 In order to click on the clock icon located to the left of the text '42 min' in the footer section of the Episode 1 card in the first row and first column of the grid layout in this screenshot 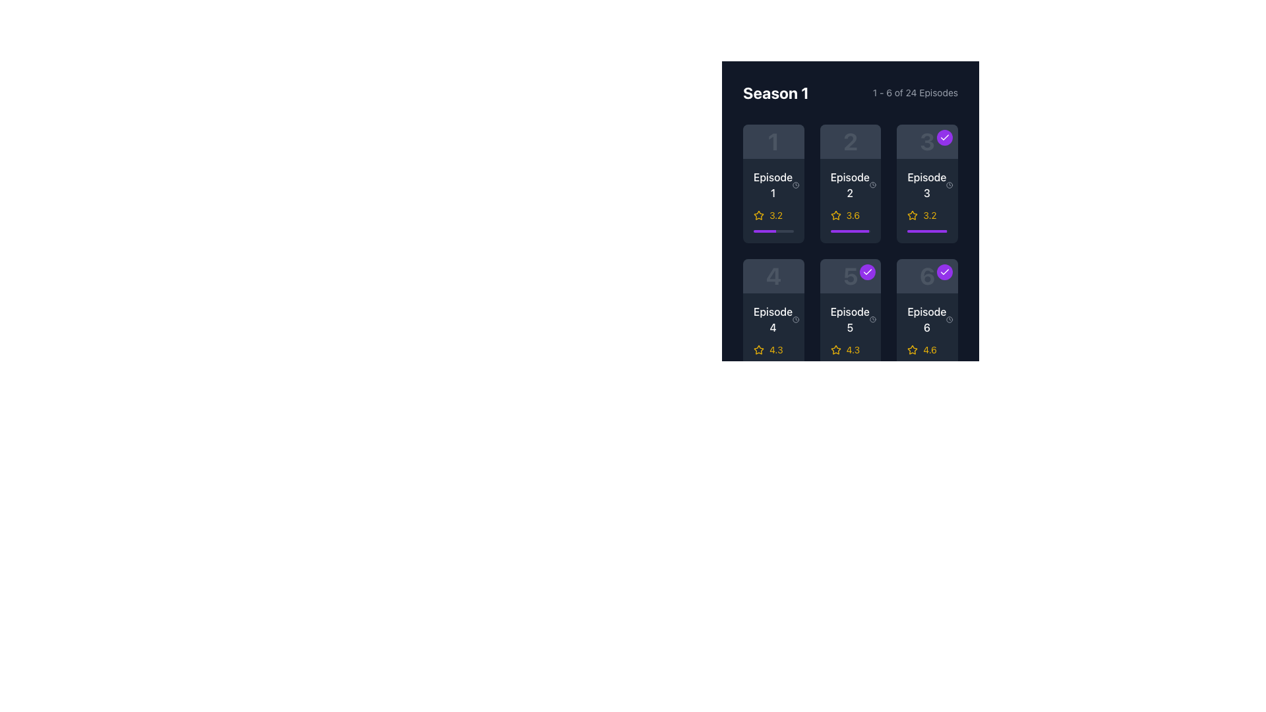, I will do `click(795, 185)`.